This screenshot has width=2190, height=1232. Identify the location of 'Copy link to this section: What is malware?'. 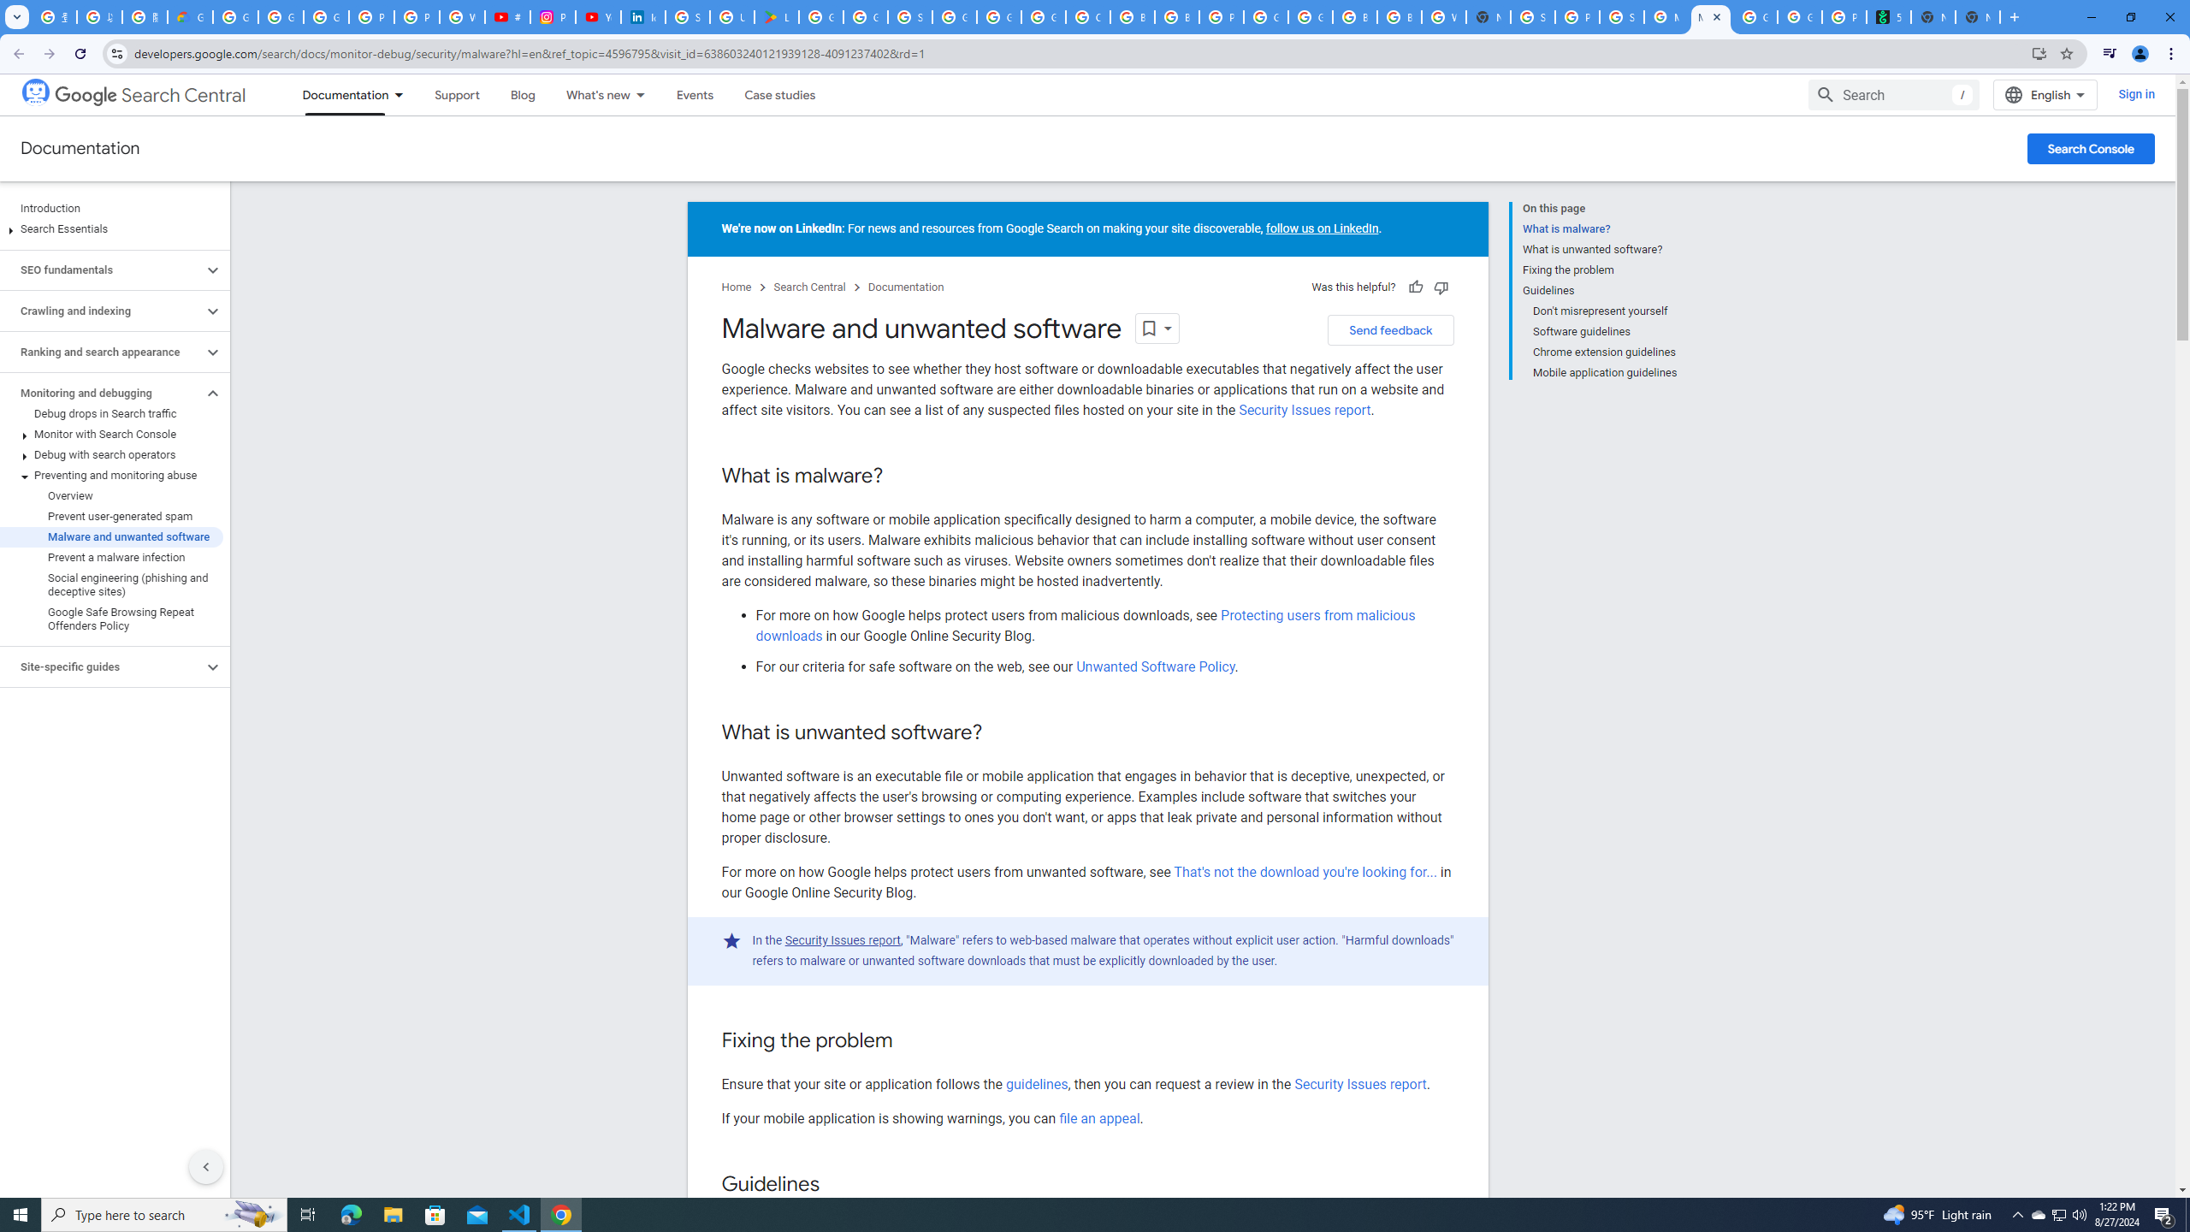
(899, 476).